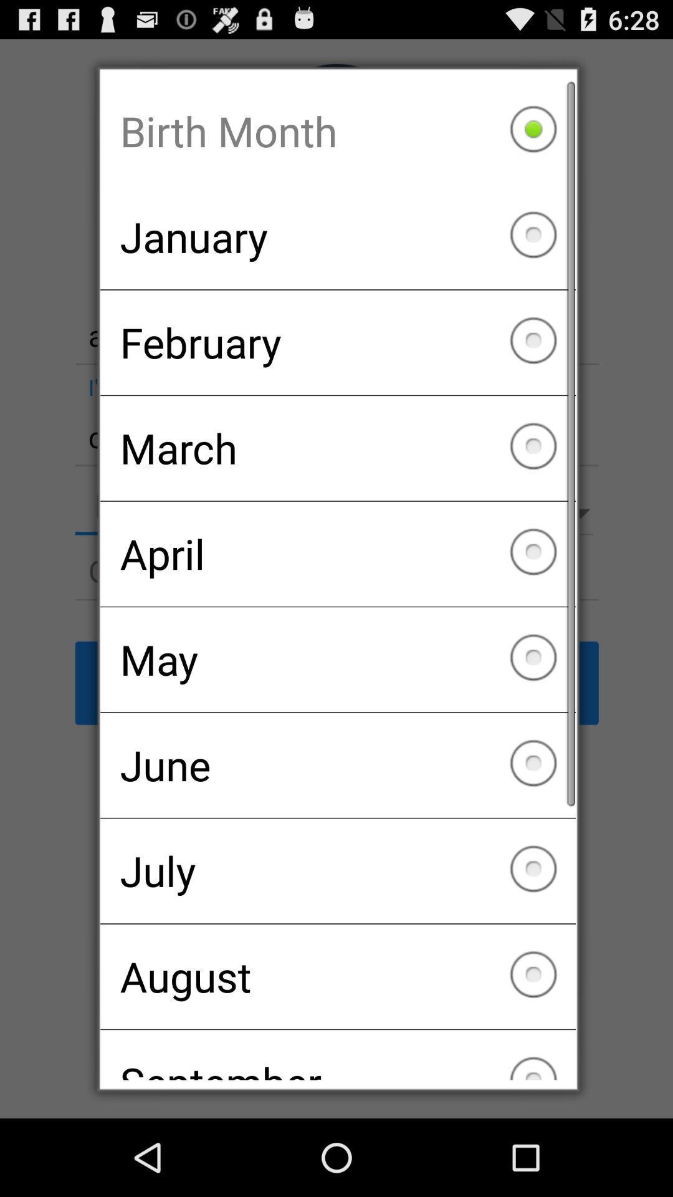  What do you see at coordinates (338, 448) in the screenshot?
I see `the march checkbox` at bounding box center [338, 448].